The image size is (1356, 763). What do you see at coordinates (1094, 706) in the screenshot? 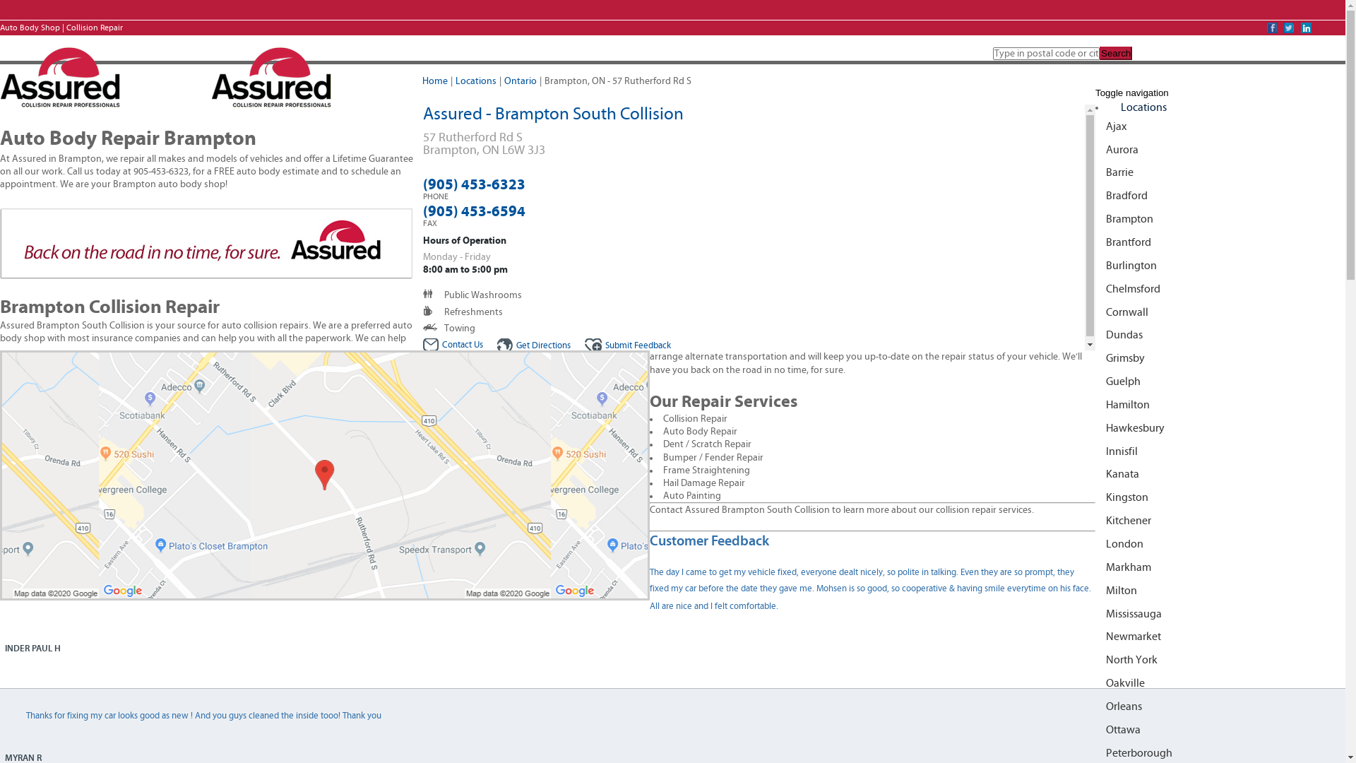
I see `'Orleans'` at bounding box center [1094, 706].